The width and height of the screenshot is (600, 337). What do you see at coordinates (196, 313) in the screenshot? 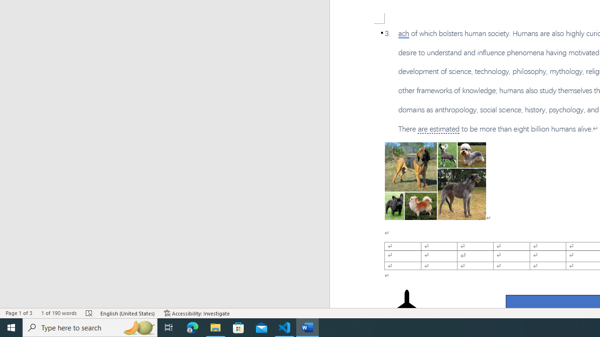
I see `'Accessibility Checker Accessibility: Investigate'` at bounding box center [196, 313].